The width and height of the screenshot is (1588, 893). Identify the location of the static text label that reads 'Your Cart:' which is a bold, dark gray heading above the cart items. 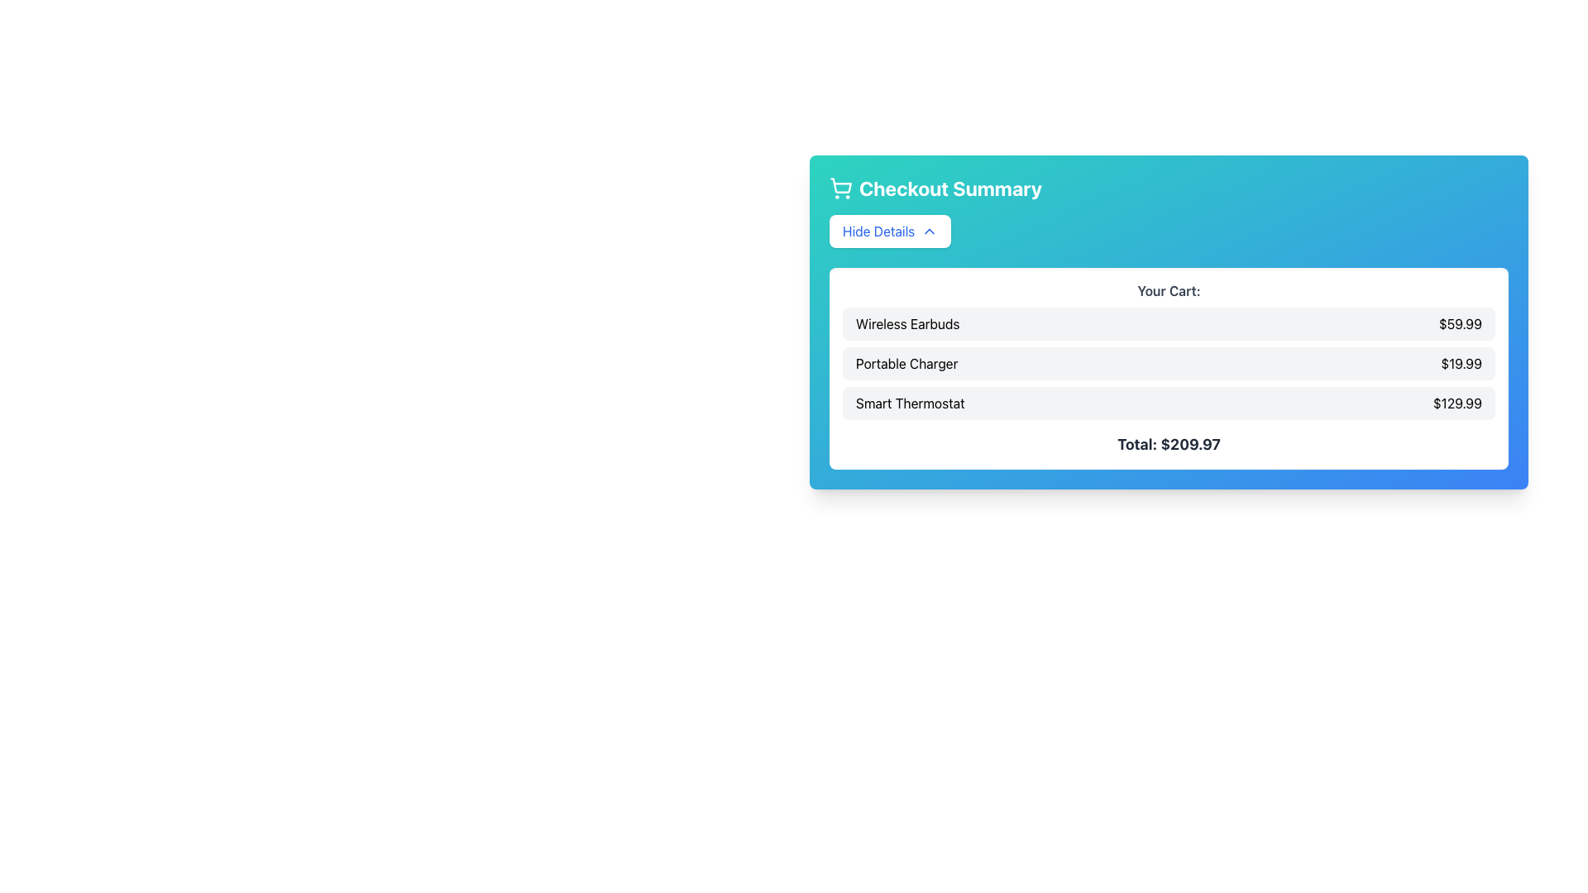
(1168, 289).